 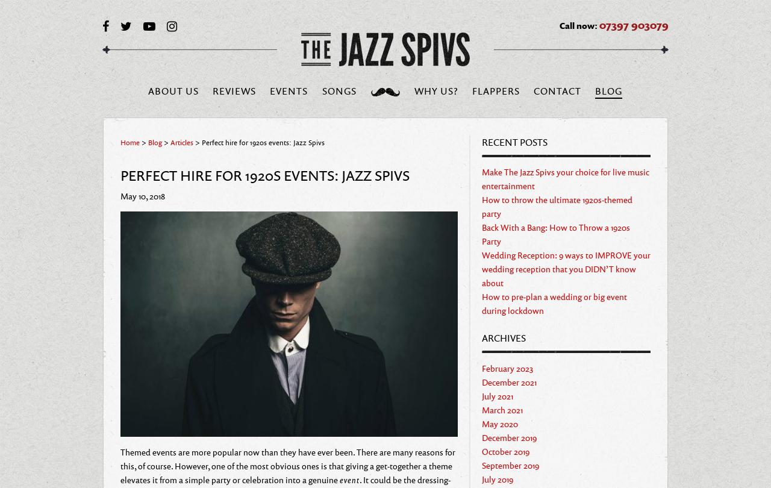 What do you see at coordinates (504, 338) in the screenshot?
I see `'Archives'` at bounding box center [504, 338].